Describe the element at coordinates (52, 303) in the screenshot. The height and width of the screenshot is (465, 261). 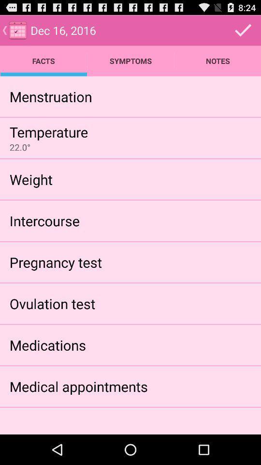
I see `ovulation test app` at that location.